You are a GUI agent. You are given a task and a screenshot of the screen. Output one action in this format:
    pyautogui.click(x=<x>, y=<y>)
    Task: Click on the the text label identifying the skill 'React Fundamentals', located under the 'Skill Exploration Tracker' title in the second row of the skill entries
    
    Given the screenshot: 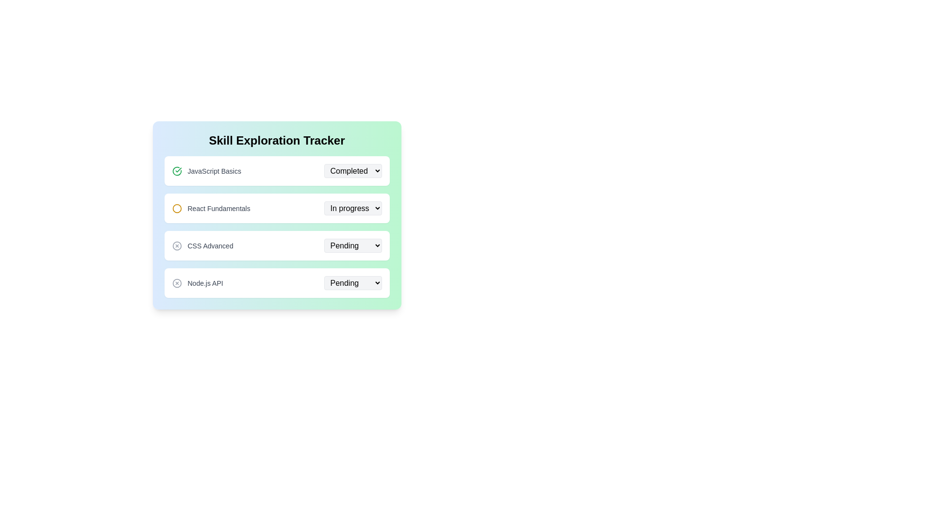 What is the action you would take?
    pyautogui.click(x=211, y=208)
    